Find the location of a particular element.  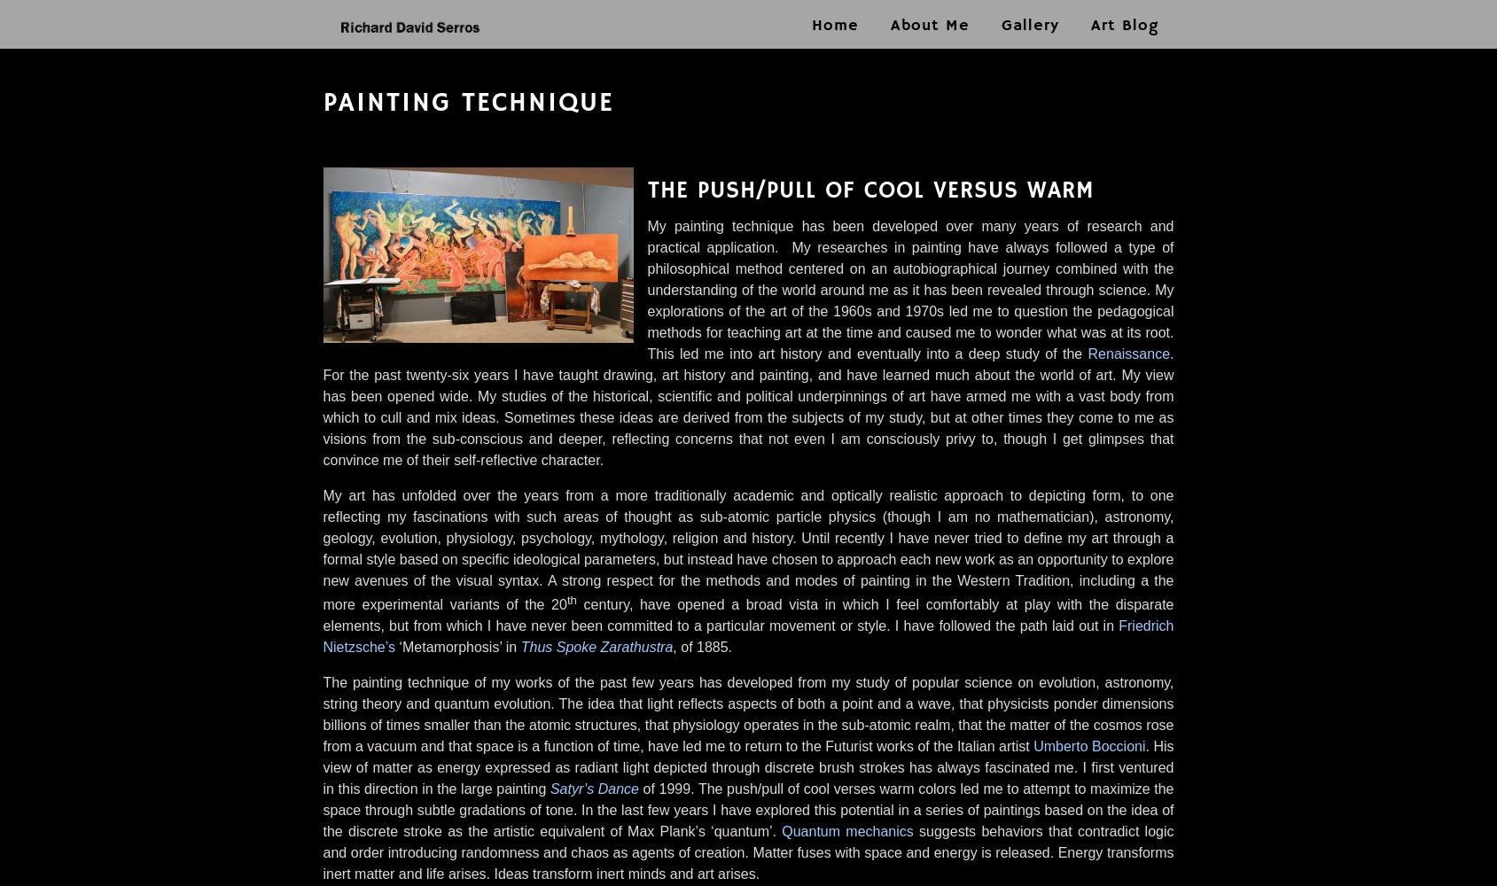

'Thus Spoke Zarathustra' is located at coordinates (518, 646).